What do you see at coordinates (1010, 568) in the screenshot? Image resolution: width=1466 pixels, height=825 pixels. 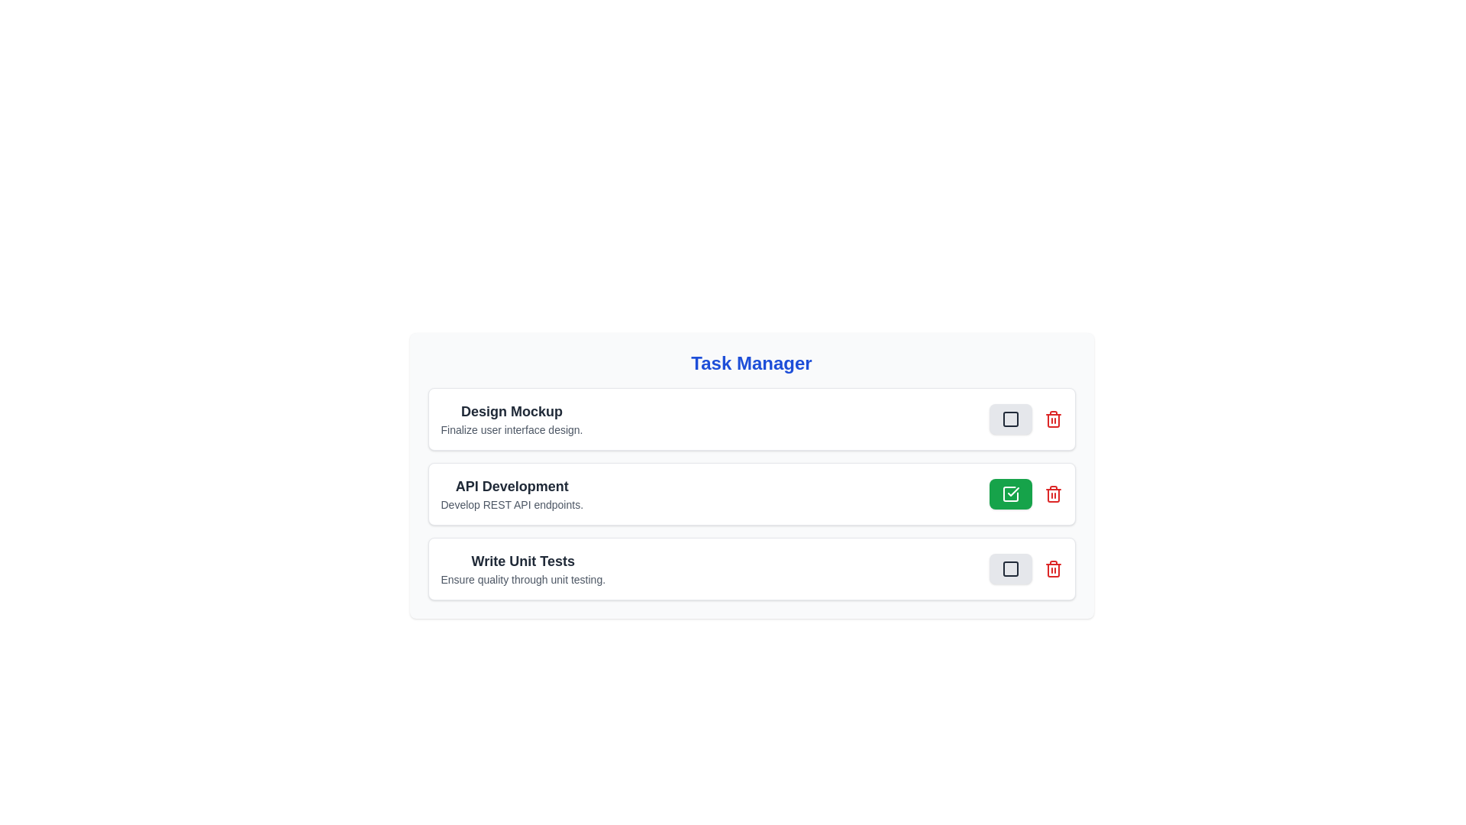 I see `the leftmost icon in the right section of the last task row, which serves as an indicator or task interaction element` at bounding box center [1010, 568].